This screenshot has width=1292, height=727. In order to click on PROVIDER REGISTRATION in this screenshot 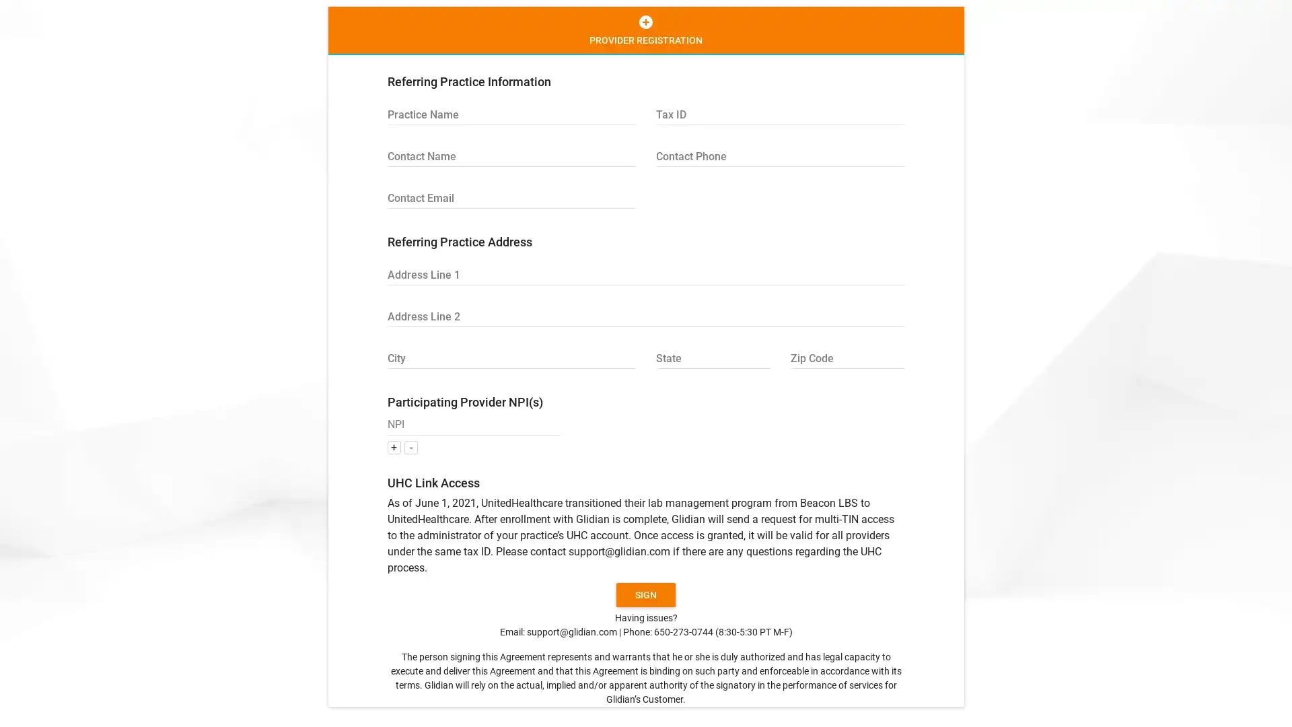, I will do `click(645, 30)`.